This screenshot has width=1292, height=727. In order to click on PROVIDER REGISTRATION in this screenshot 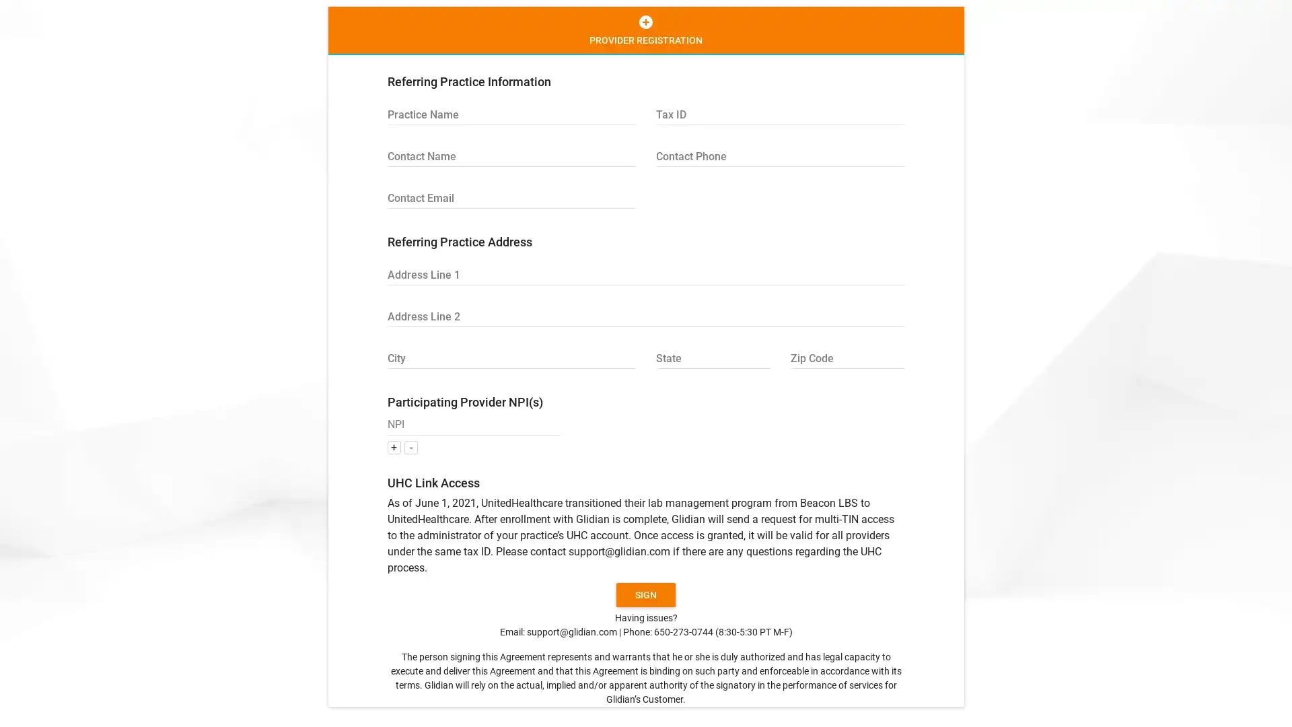, I will do `click(645, 30)`.